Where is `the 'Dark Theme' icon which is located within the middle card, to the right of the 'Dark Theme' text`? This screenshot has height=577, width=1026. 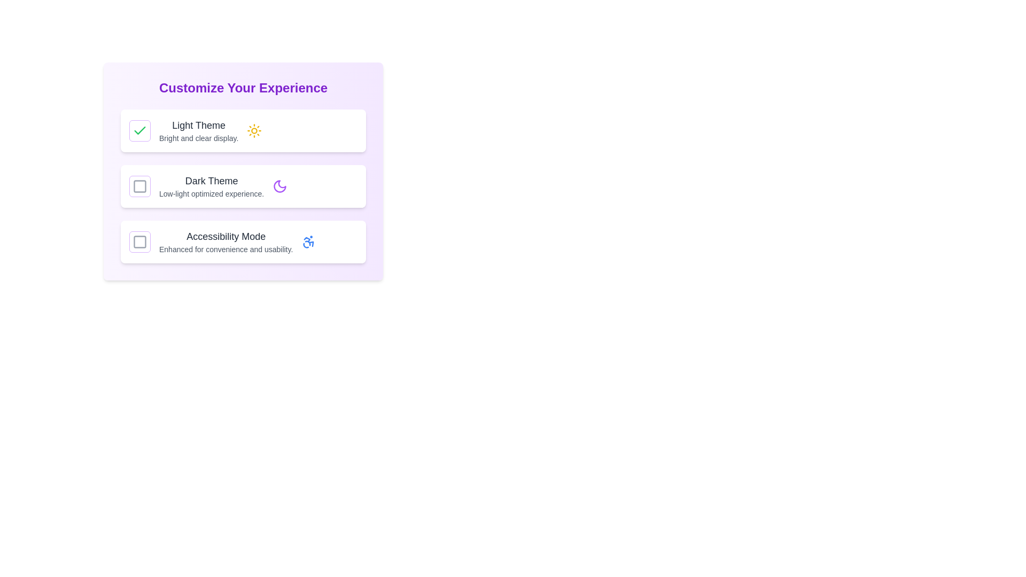
the 'Dark Theme' icon which is located within the middle card, to the right of the 'Dark Theme' text is located at coordinates (280, 185).